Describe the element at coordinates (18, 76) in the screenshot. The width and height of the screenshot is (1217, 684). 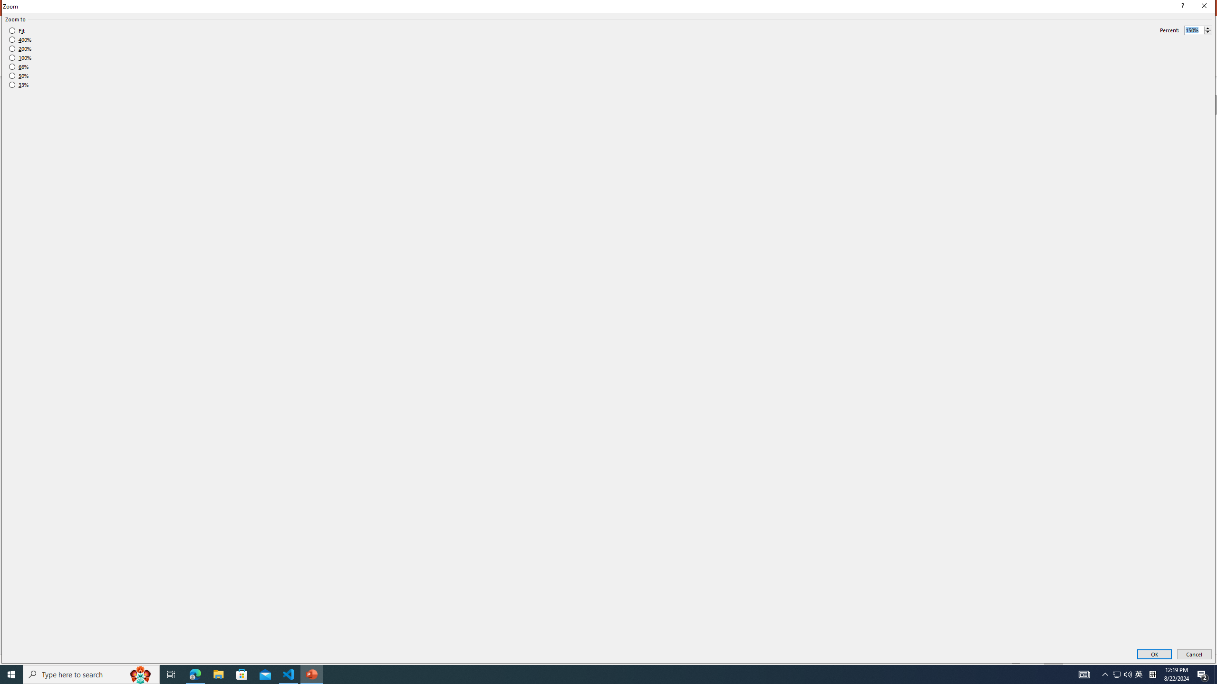
I see `'50%'` at that location.